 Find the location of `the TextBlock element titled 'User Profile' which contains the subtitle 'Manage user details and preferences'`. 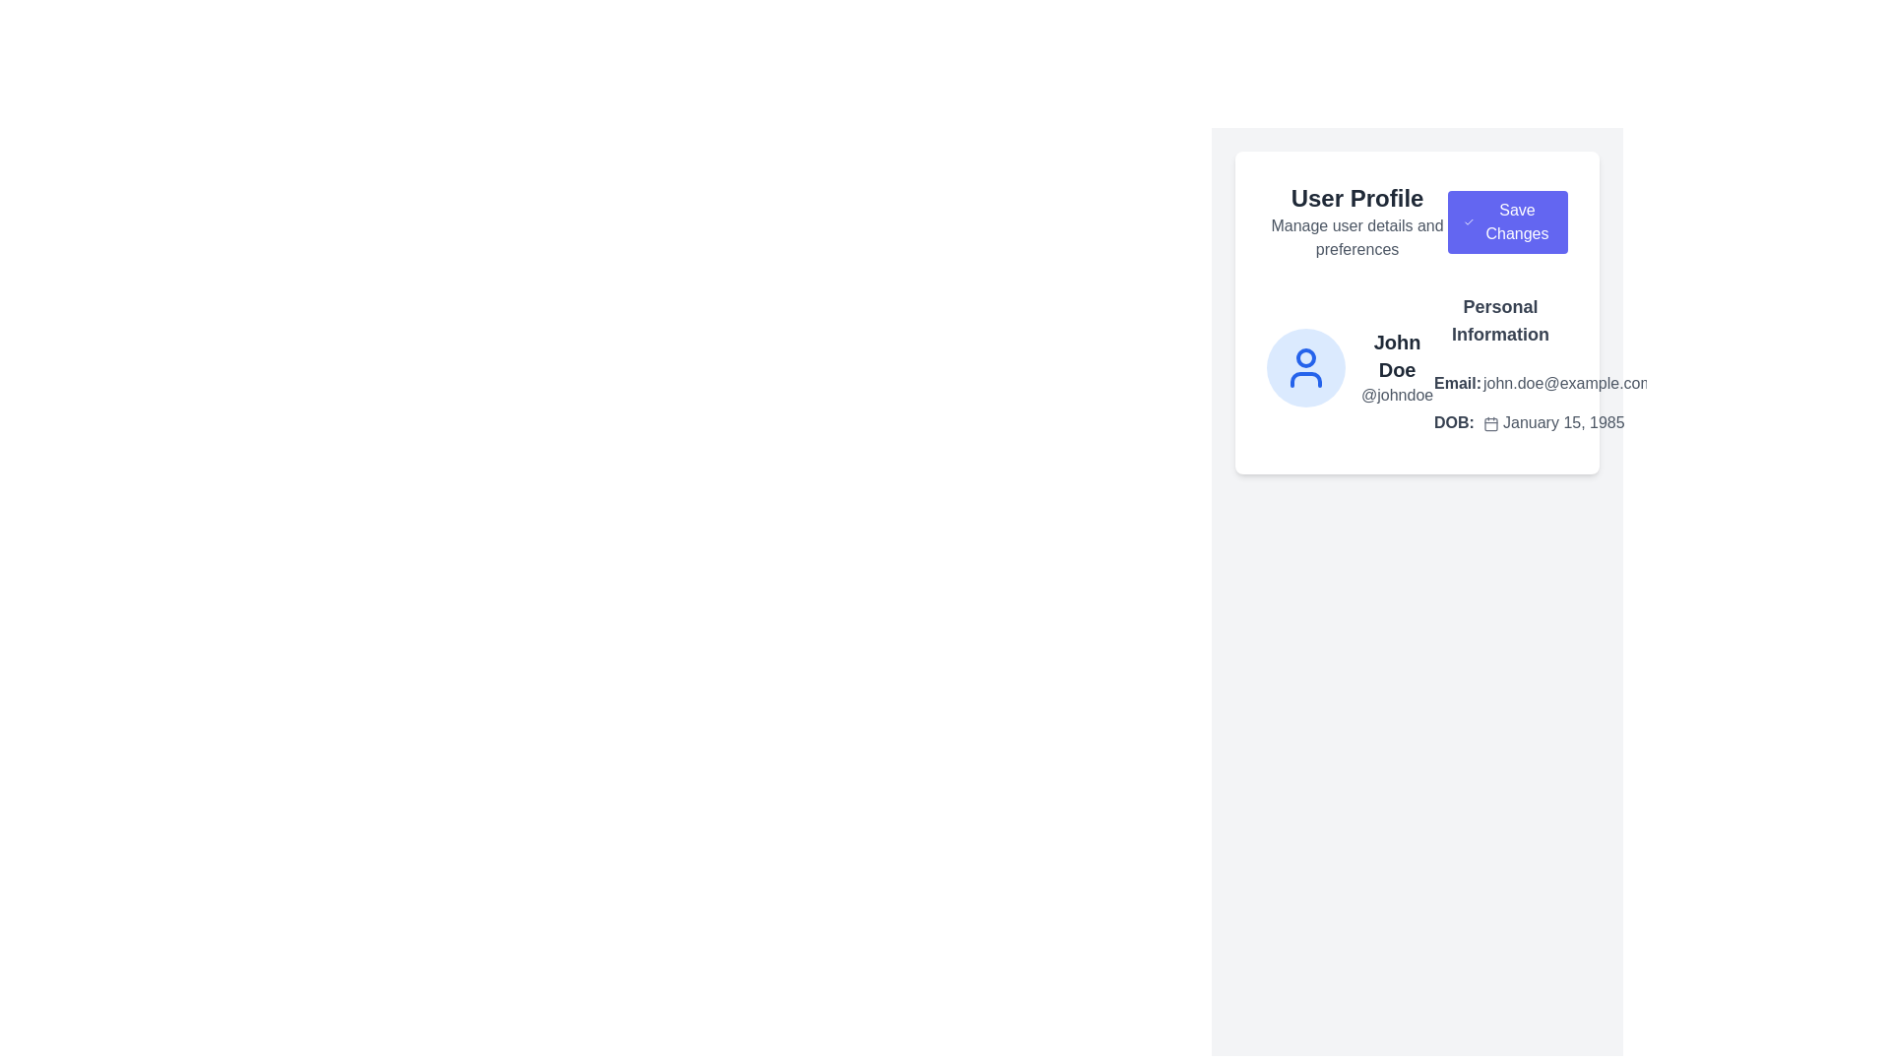

the TextBlock element titled 'User Profile' which contains the subtitle 'Manage user details and preferences' is located at coordinates (1356, 221).